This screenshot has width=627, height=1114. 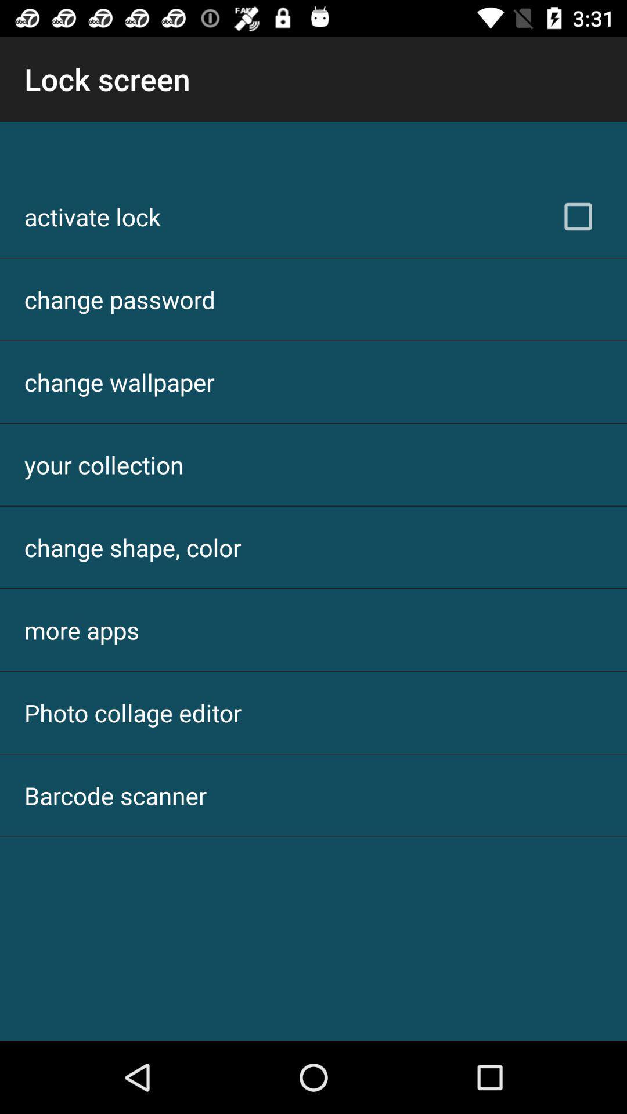 I want to click on the item at the top right corner, so click(x=578, y=216).